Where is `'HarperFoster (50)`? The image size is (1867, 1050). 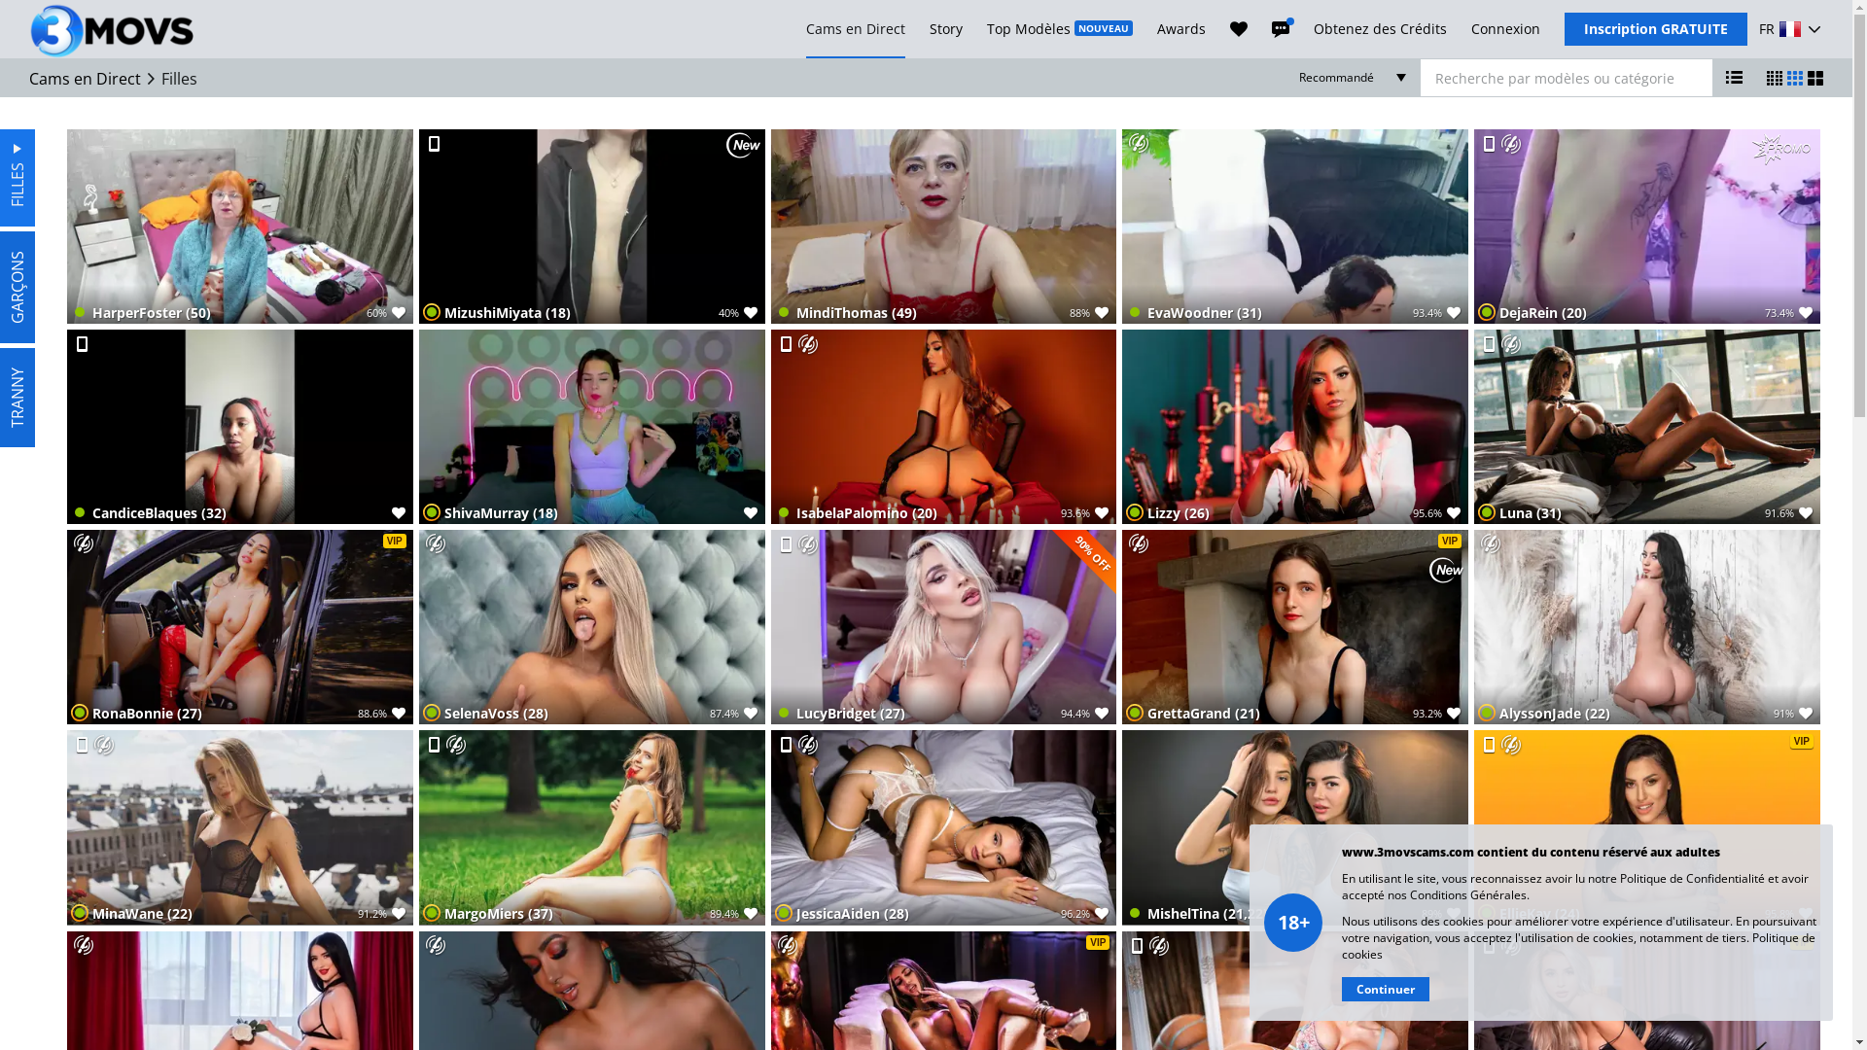
'HarperFoster (50) is located at coordinates (238, 225).